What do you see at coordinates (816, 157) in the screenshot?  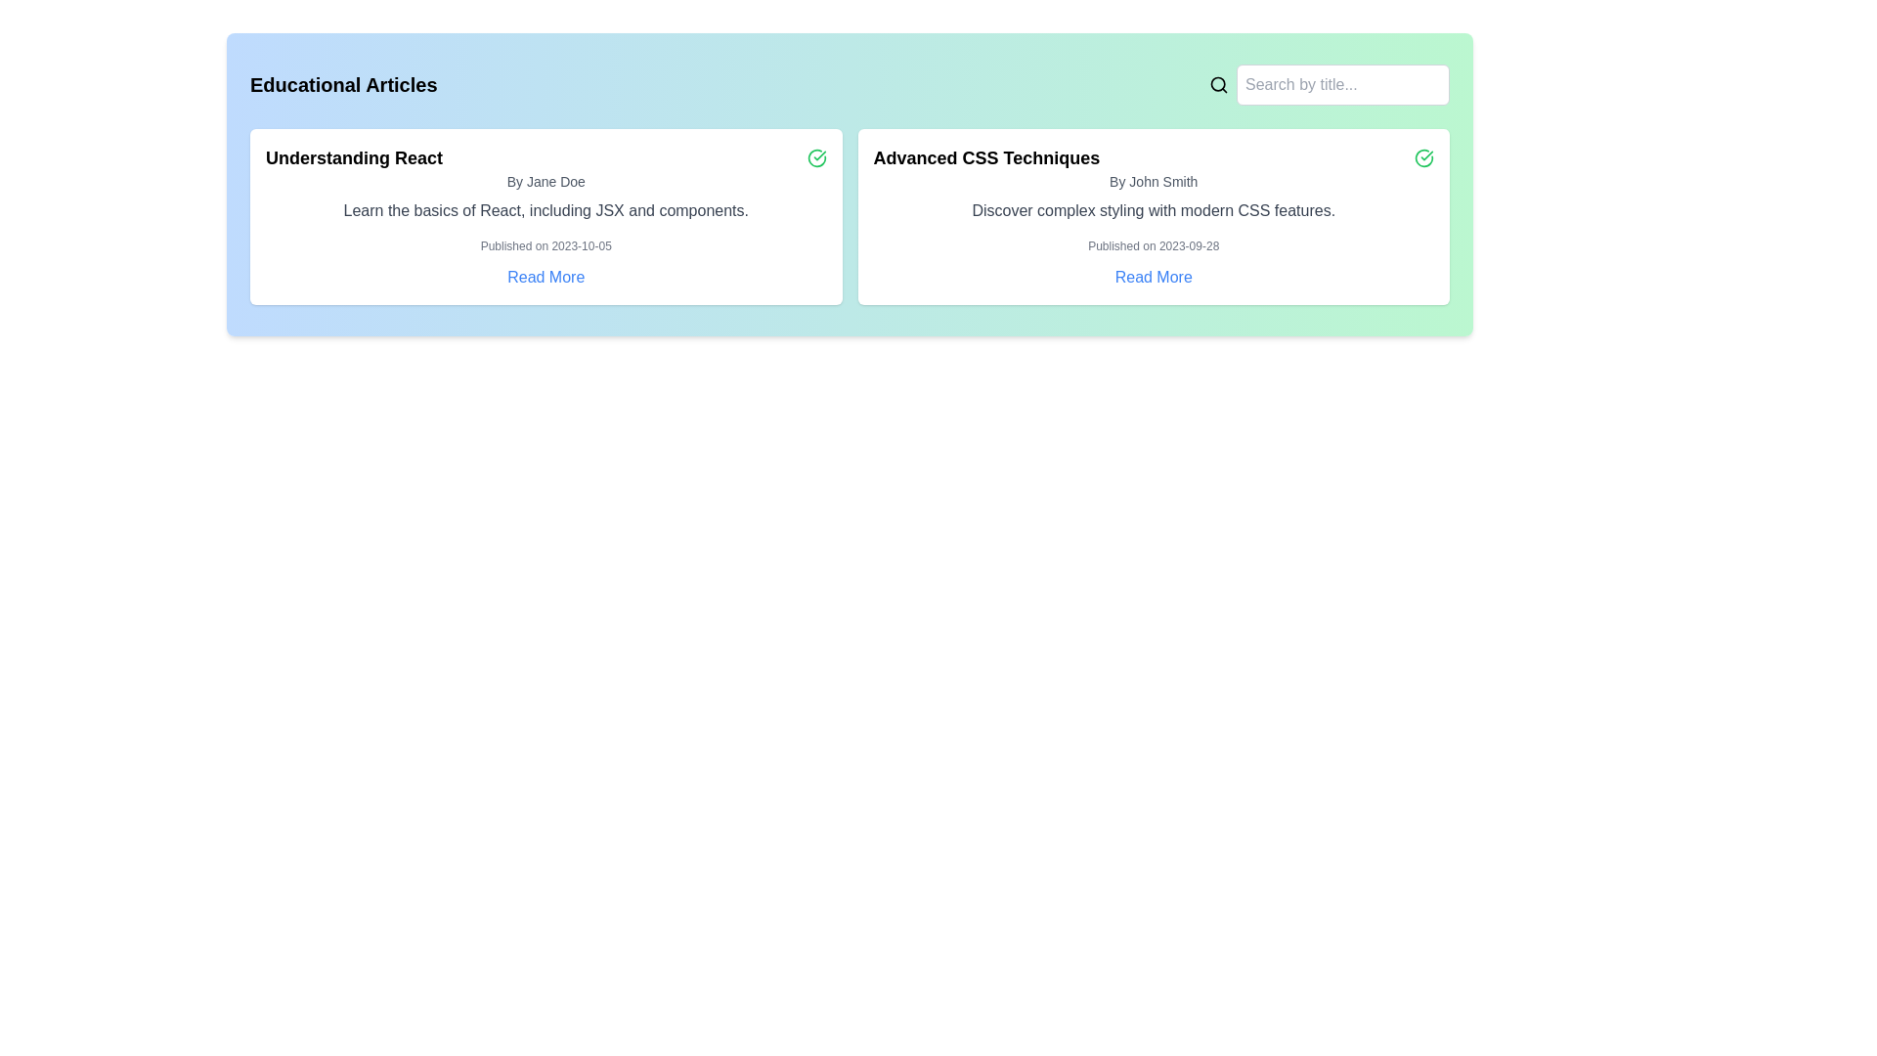 I see `the graphical indicator/icon indicating success or completion status located in the top-right corner of the 'Advanced CSS Techniques' card` at bounding box center [816, 157].